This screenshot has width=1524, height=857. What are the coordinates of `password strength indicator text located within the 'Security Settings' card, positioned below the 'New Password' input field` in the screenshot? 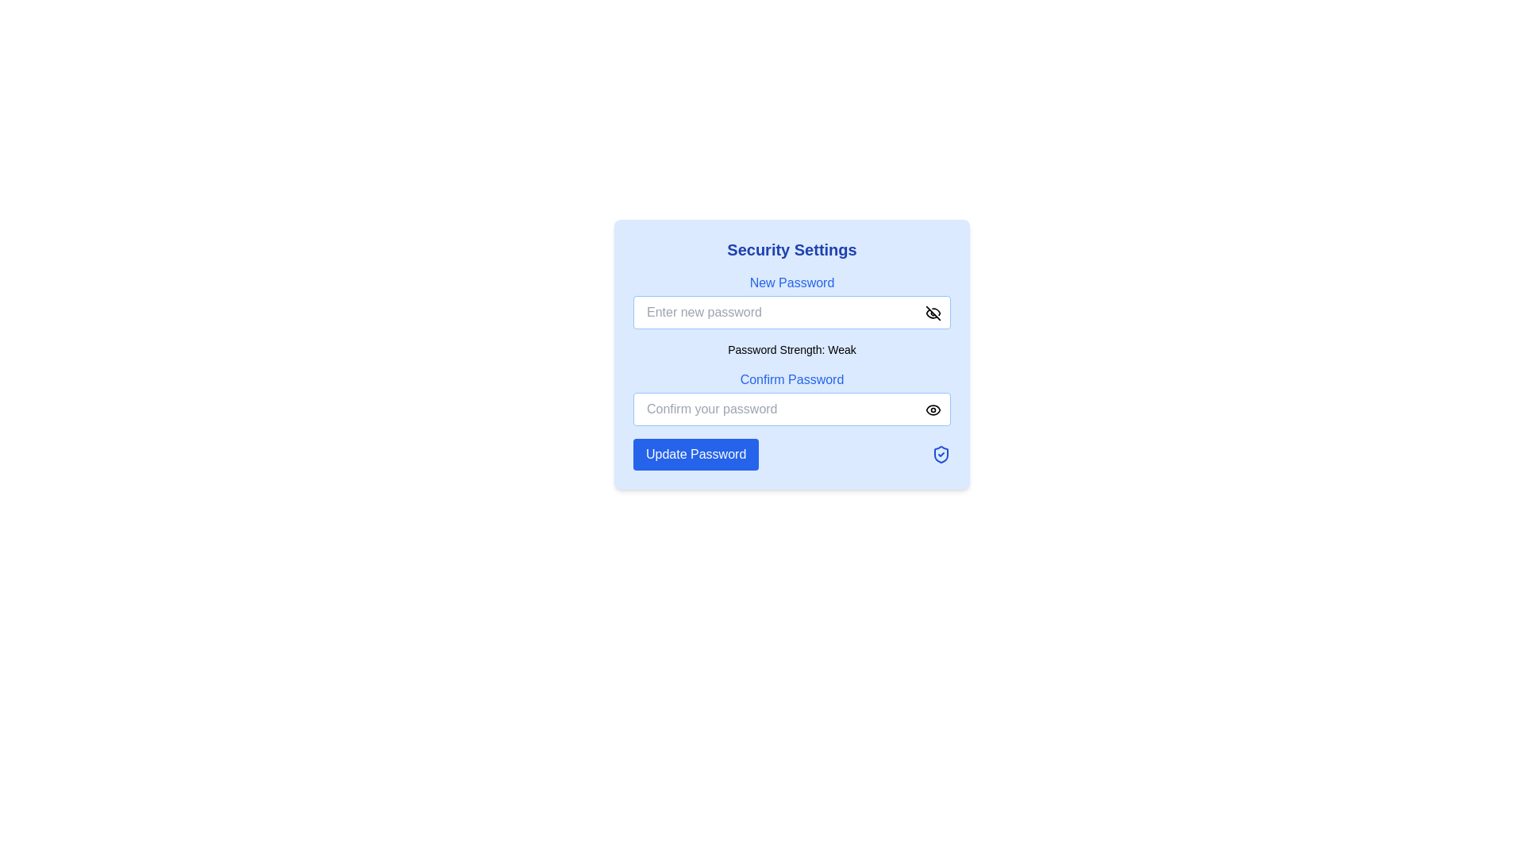 It's located at (792, 348).